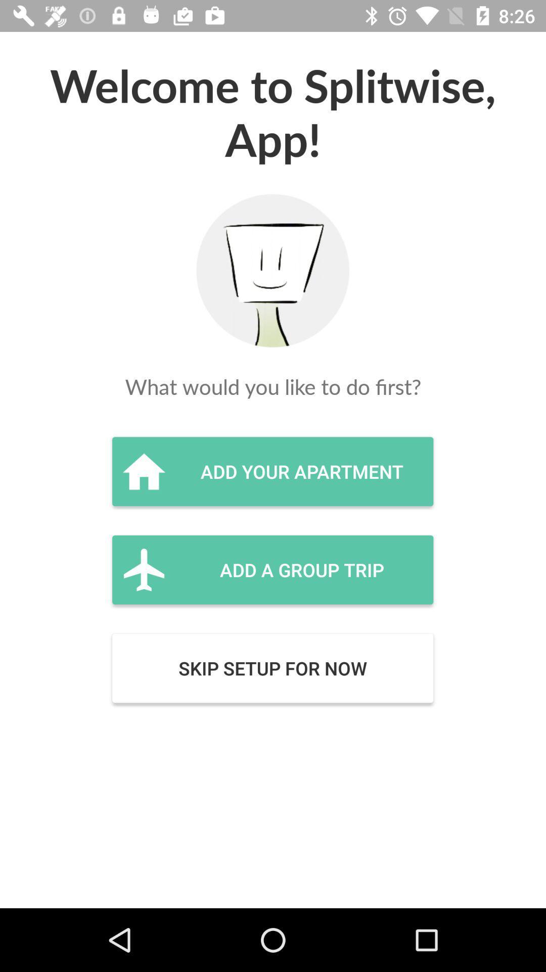 The image size is (546, 972). What do you see at coordinates (272, 570) in the screenshot?
I see `icon above the skip setup for icon` at bounding box center [272, 570].